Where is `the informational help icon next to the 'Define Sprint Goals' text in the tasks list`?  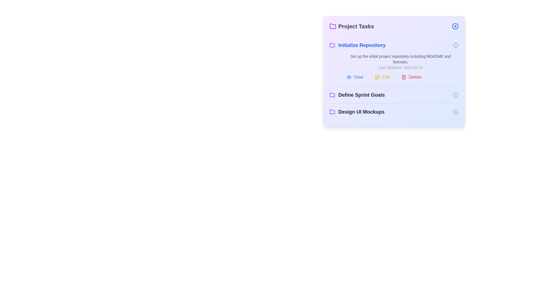 the informational help icon next to the 'Define Sprint Goals' text in the tasks list is located at coordinates (456, 95).